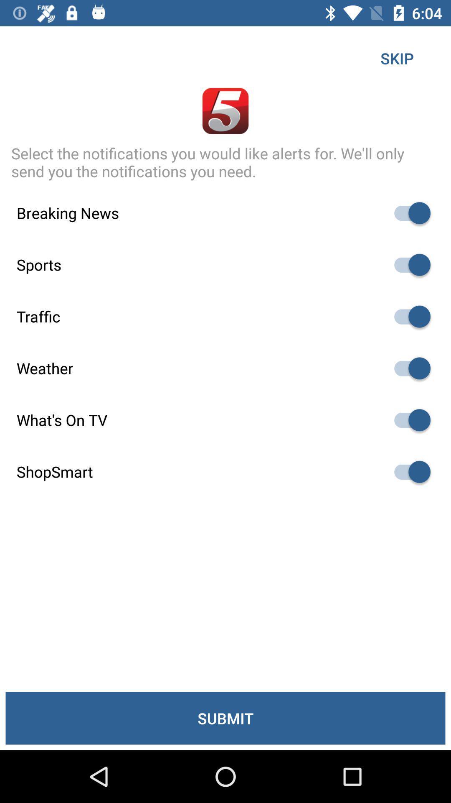 The height and width of the screenshot is (803, 451). What do you see at coordinates (408, 264) in the screenshot?
I see `notifications` at bounding box center [408, 264].